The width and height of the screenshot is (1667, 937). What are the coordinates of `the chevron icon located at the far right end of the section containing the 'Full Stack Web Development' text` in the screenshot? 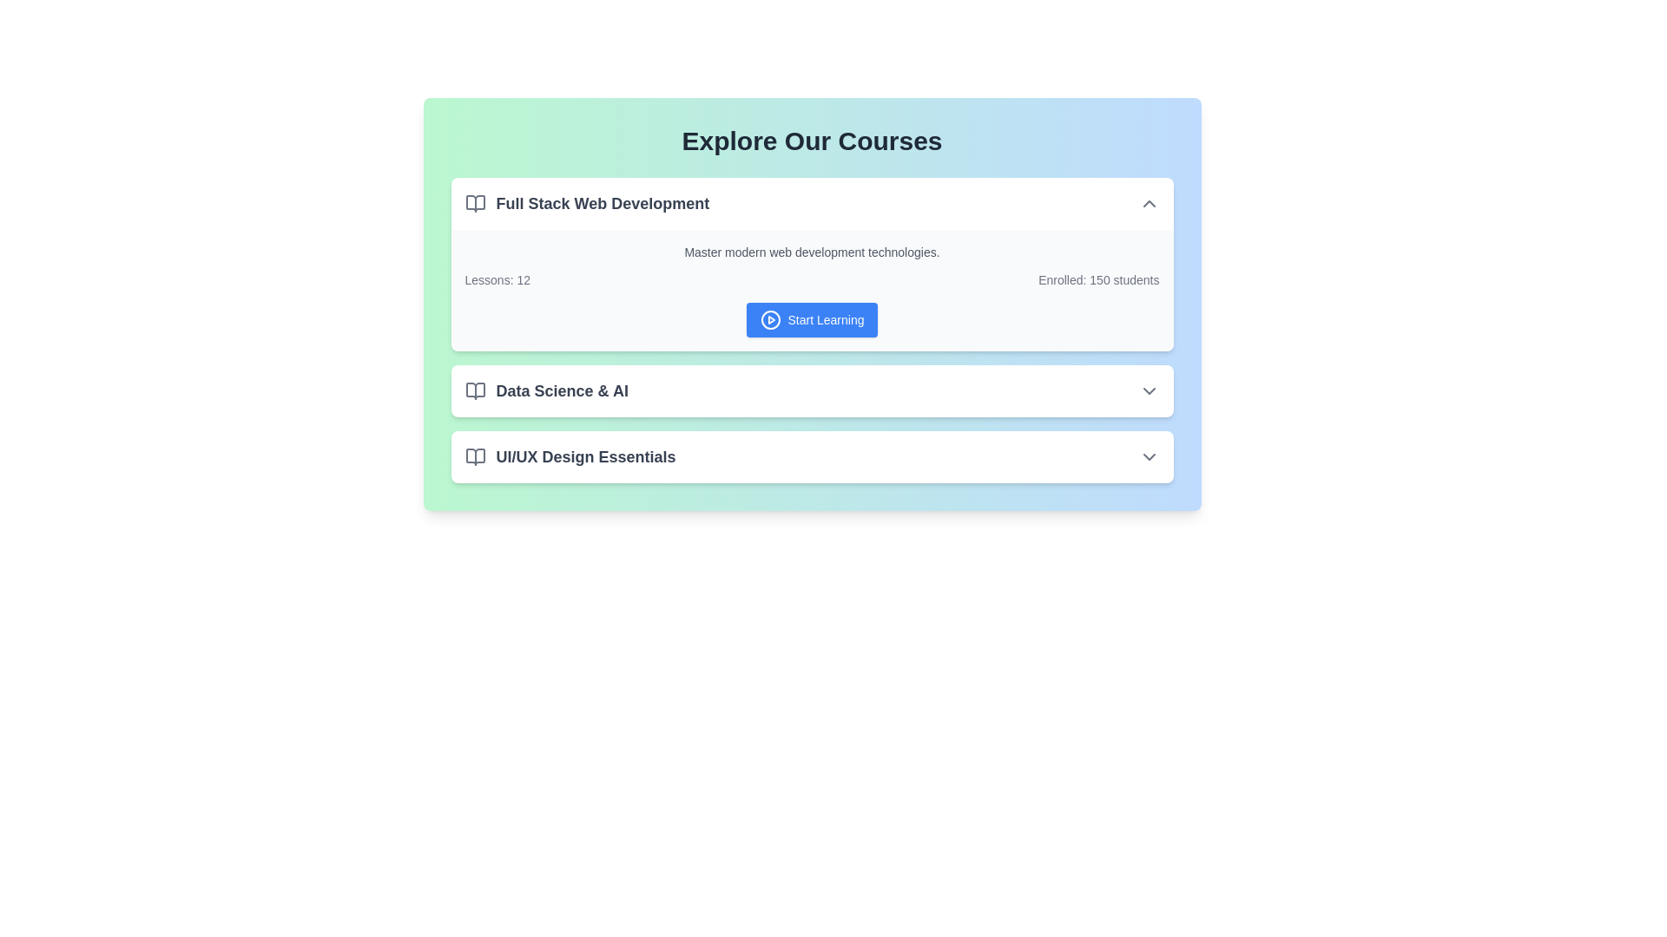 It's located at (1149, 203).